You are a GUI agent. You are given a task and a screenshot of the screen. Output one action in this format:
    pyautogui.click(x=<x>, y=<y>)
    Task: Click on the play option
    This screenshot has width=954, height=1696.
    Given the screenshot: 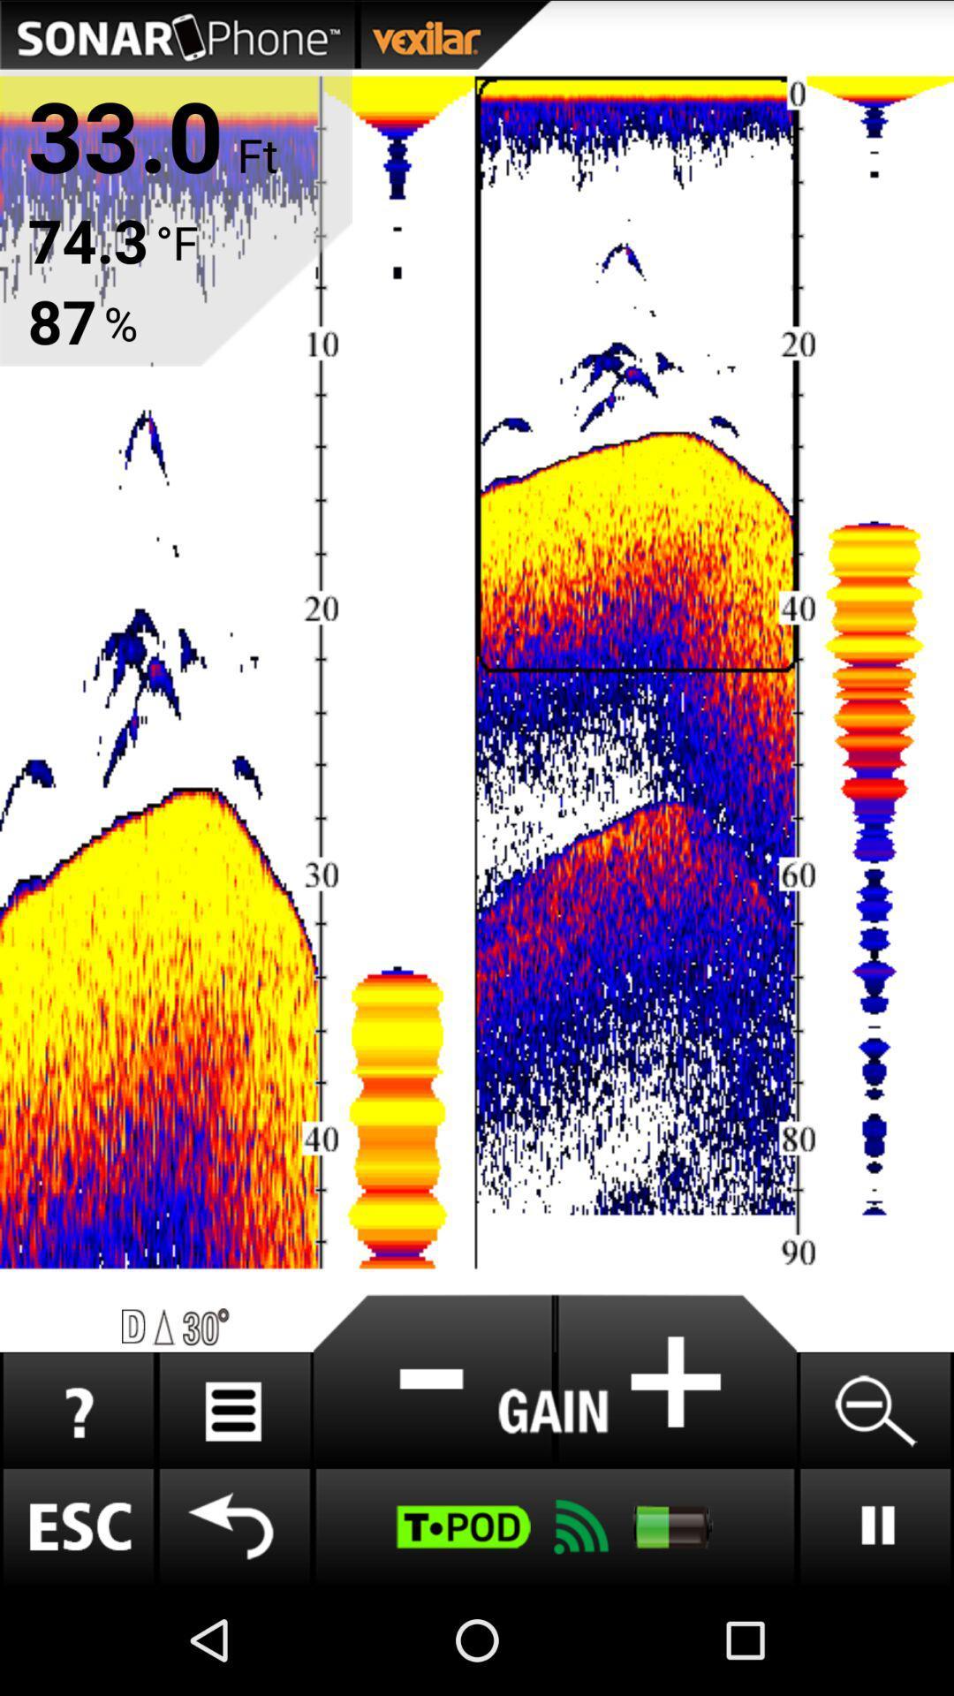 What is the action you would take?
    pyautogui.click(x=874, y=1526)
    